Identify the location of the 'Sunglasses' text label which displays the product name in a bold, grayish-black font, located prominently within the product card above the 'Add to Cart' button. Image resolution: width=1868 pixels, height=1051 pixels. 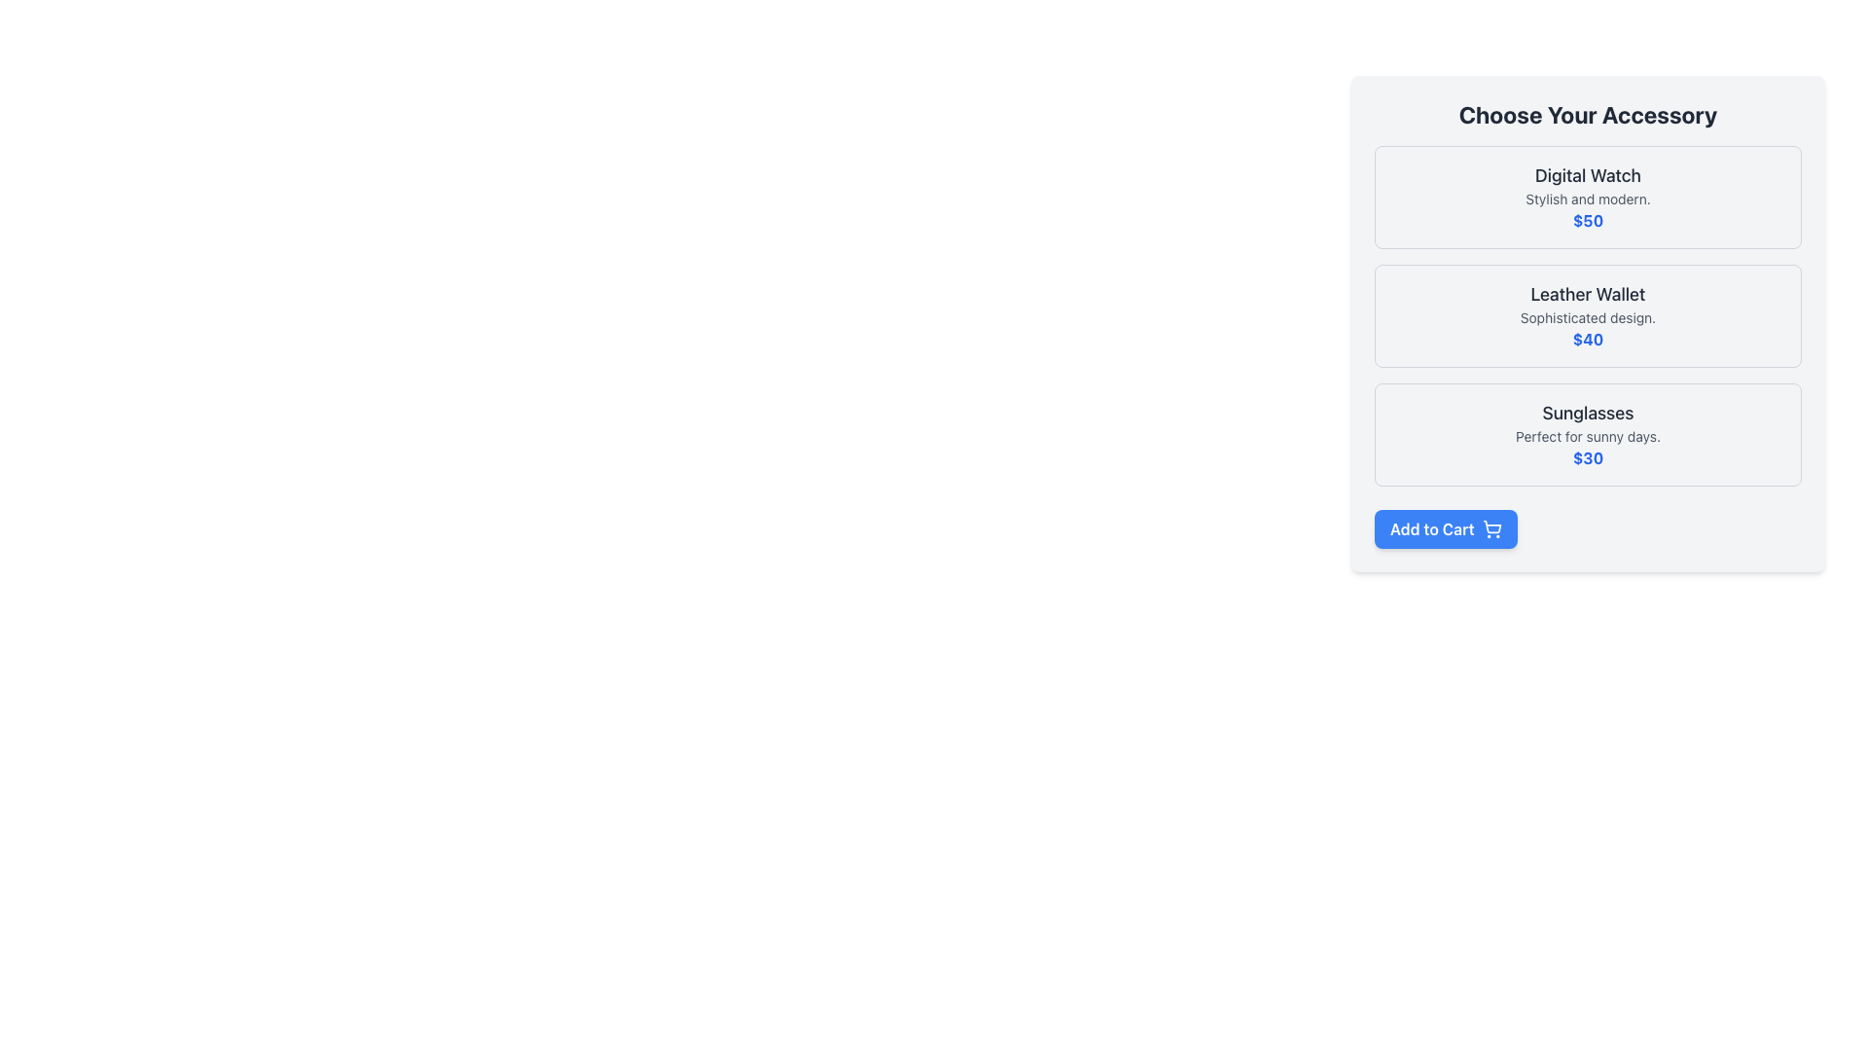
(1588, 412).